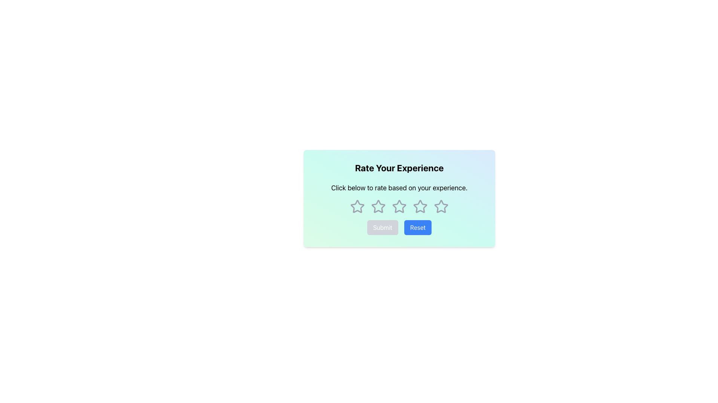 This screenshot has width=718, height=403. What do you see at coordinates (399, 207) in the screenshot?
I see `the fourth star in the Rating stars component` at bounding box center [399, 207].